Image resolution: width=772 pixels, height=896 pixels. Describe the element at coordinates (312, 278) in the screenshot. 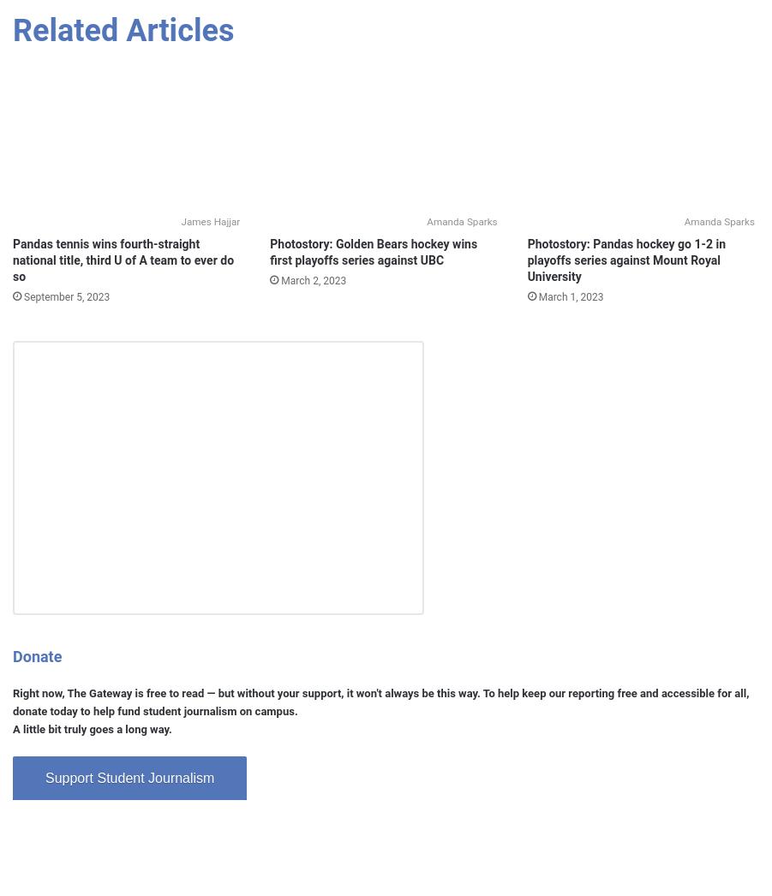

I see `'March 2, 2023'` at that location.